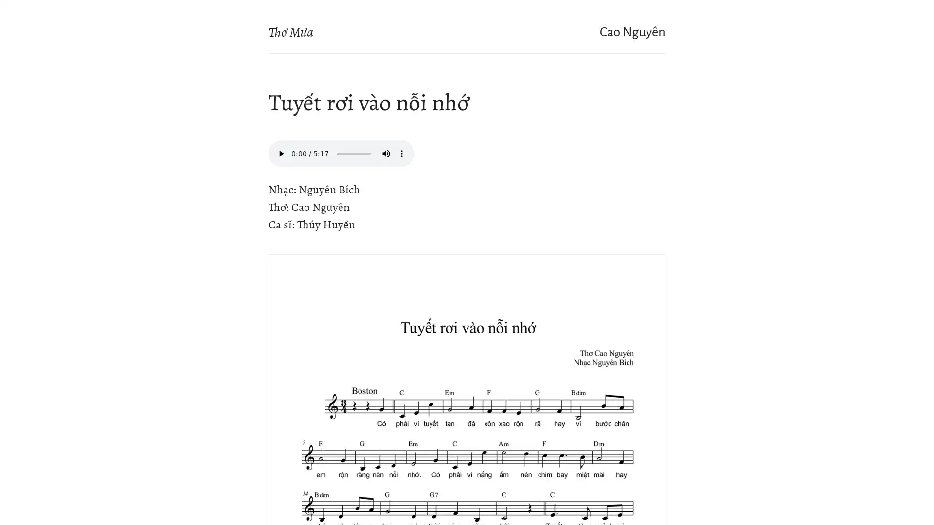  Describe the element at coordinates (280, 153) in the screenshot. I see `play` at that location.